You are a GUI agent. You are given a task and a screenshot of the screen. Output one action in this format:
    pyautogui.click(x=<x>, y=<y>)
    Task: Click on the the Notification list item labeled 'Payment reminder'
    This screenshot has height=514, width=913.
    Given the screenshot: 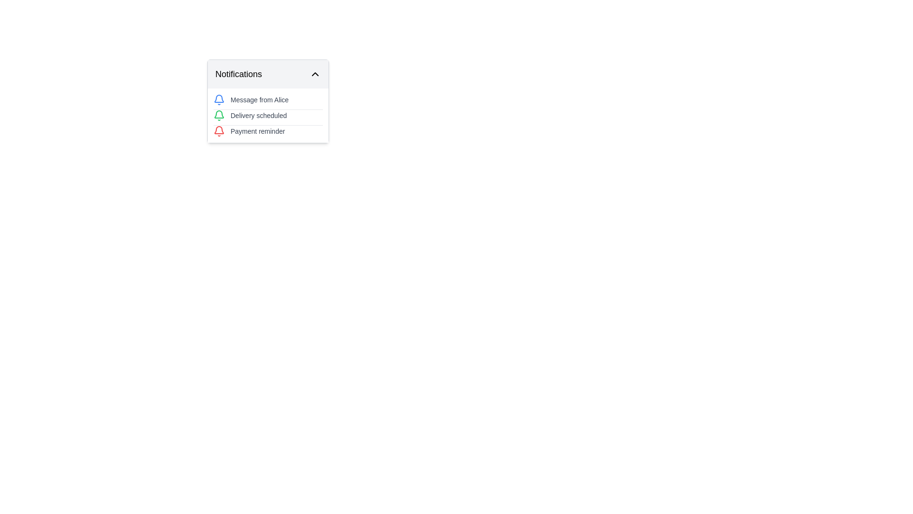 What is the action you would take?
    pyautogui.click(x=268, y=130)
    